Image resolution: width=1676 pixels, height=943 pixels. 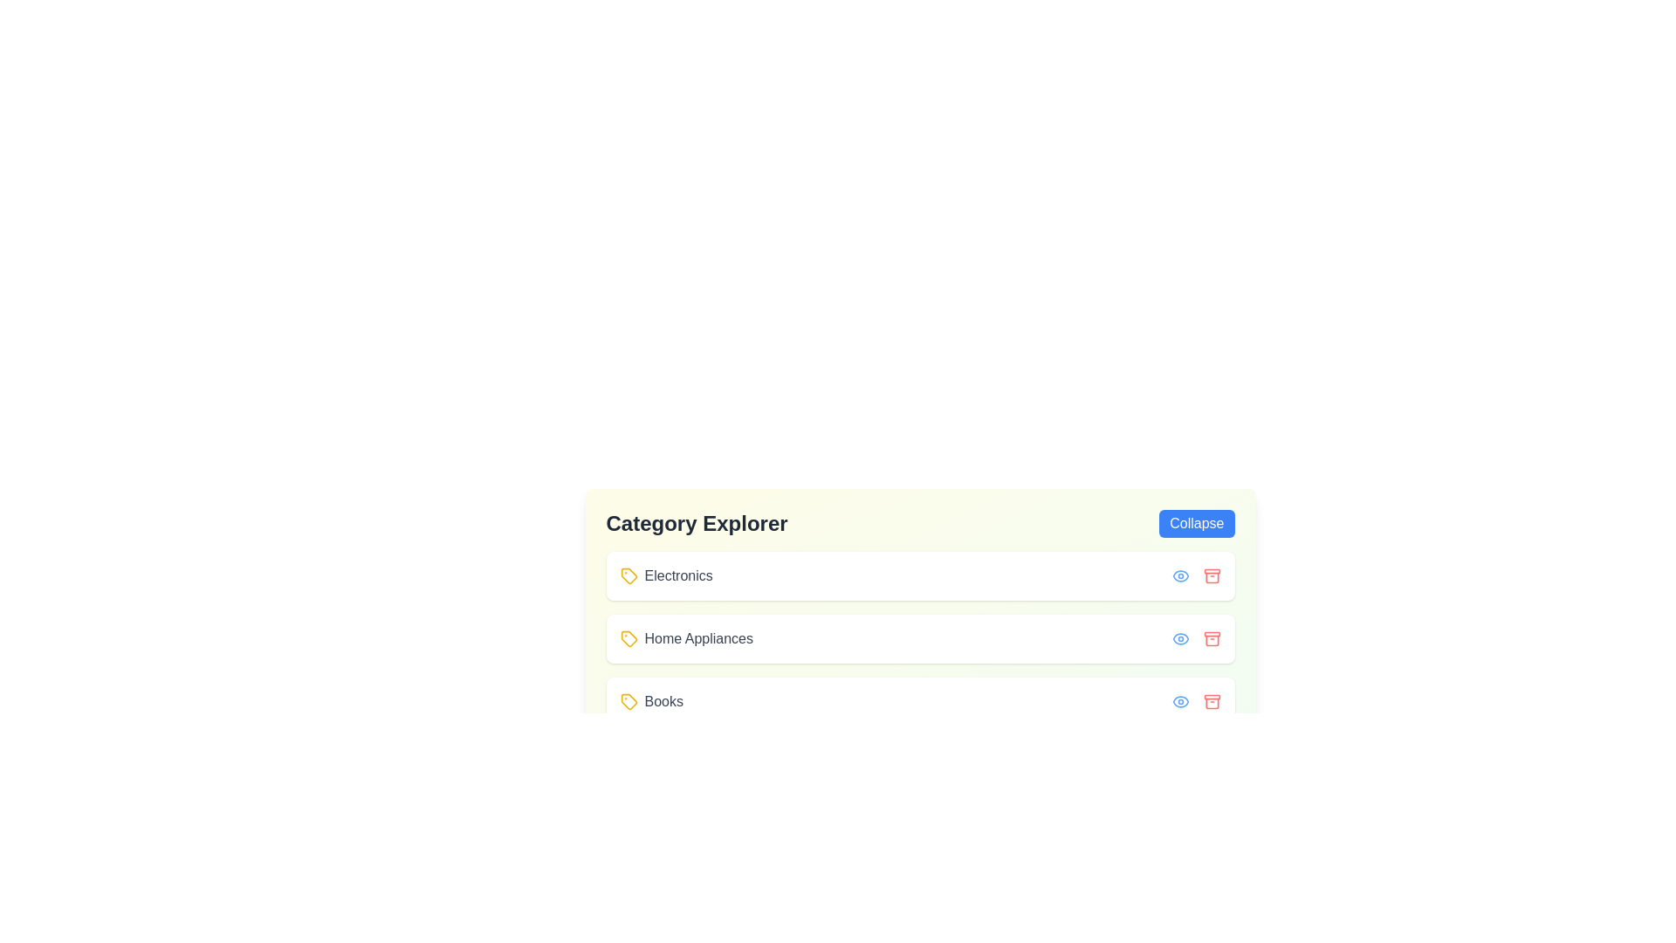 I want to click on the yellow tag icon representing the 'Electronics' category, which is the first icon in the category row, so click(x=628, y=575).